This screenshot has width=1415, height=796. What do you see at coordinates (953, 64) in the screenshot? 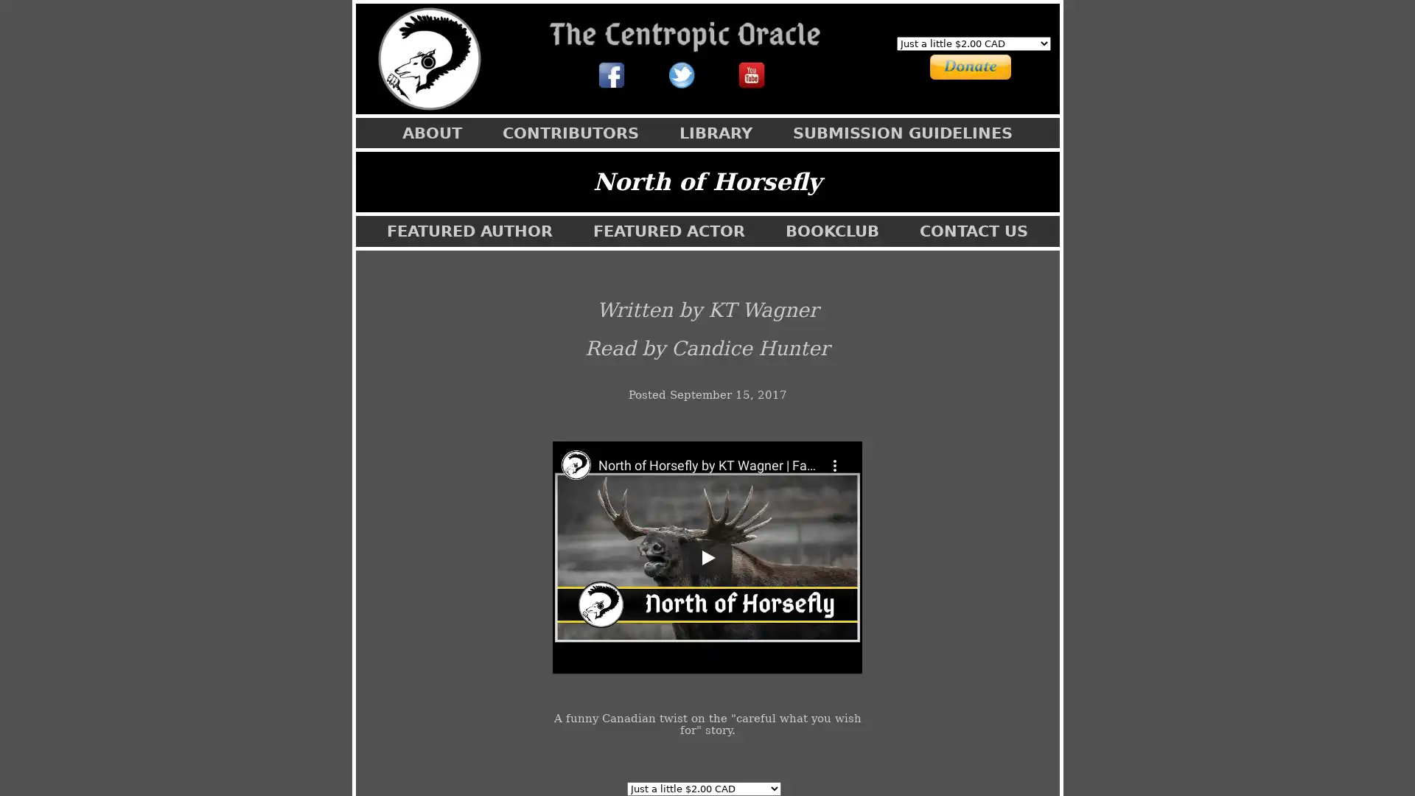
I see `PayPal` at bounding box center [953, 64].